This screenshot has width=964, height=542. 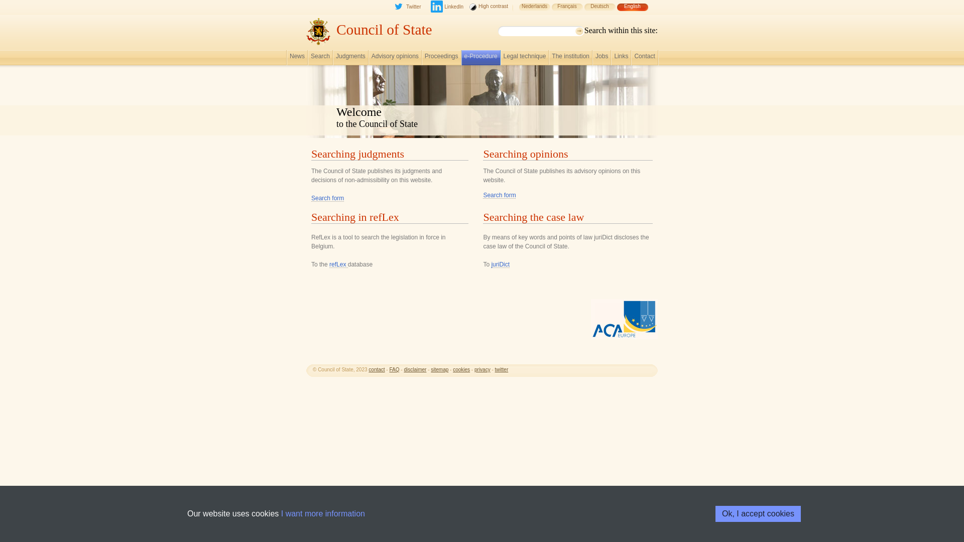 I want to click on 'Deutsch', so click(x=599, y=11).